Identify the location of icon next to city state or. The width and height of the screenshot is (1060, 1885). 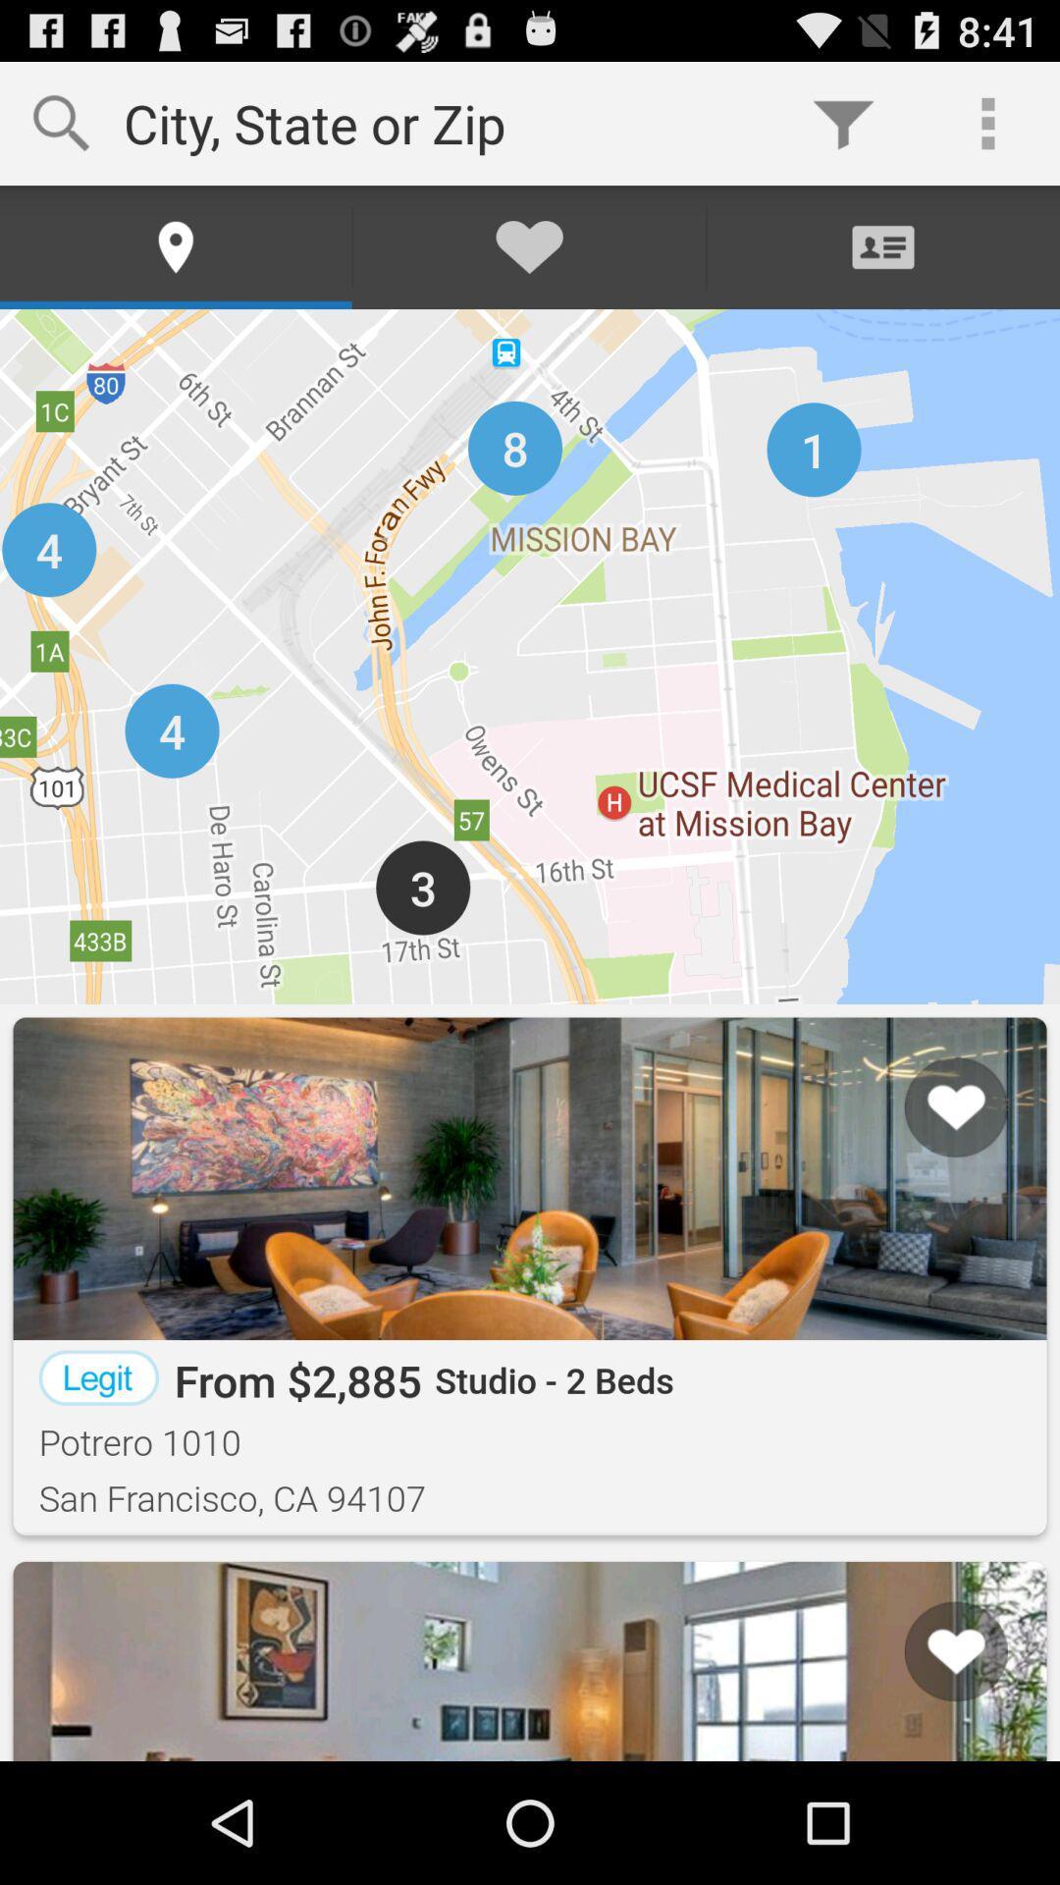
(842, 122).